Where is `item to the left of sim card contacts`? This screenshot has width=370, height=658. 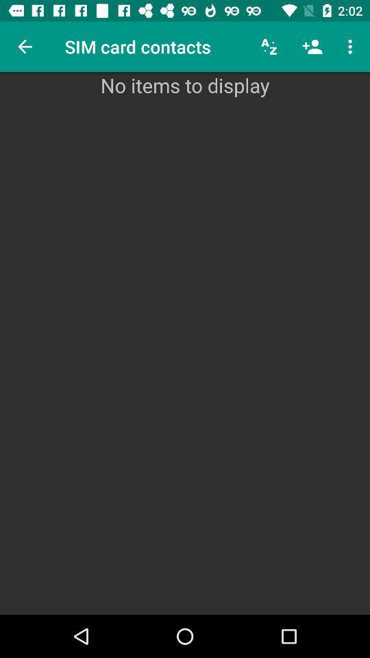 item to the left of sim card contacts is located at coordinates (25, 47).